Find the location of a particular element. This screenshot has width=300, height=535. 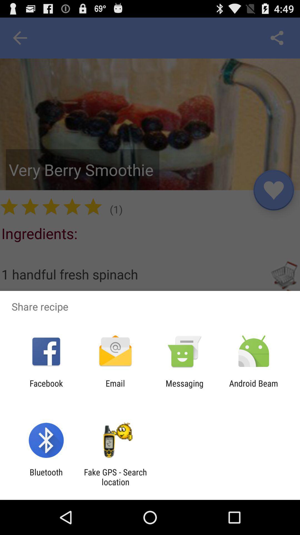

item to the left of the fake gps search item is located at coordinates (46, 477).